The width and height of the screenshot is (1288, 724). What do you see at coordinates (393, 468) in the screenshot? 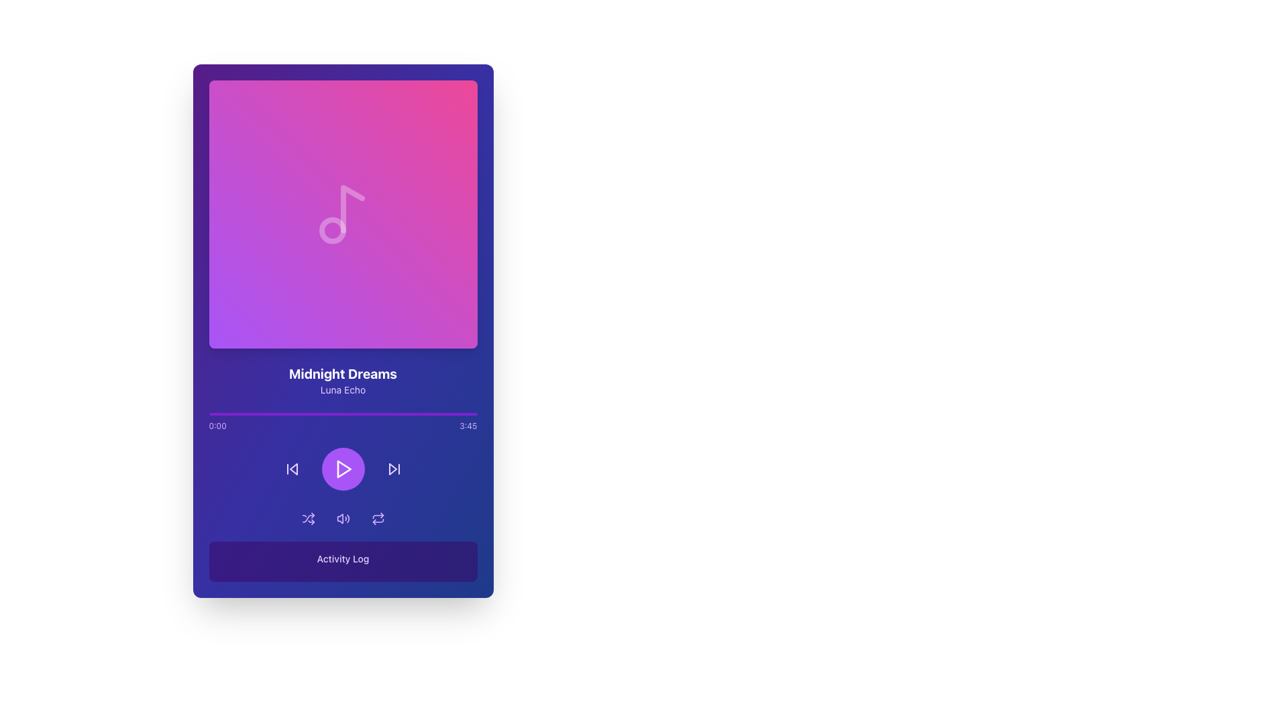
I see `the purple-themed skip forward button, which features a white 'skip forward' icon with a right-facing triangle and a vertical bar, located immediately to the right of the central play button` at bounding box center [393, 468].